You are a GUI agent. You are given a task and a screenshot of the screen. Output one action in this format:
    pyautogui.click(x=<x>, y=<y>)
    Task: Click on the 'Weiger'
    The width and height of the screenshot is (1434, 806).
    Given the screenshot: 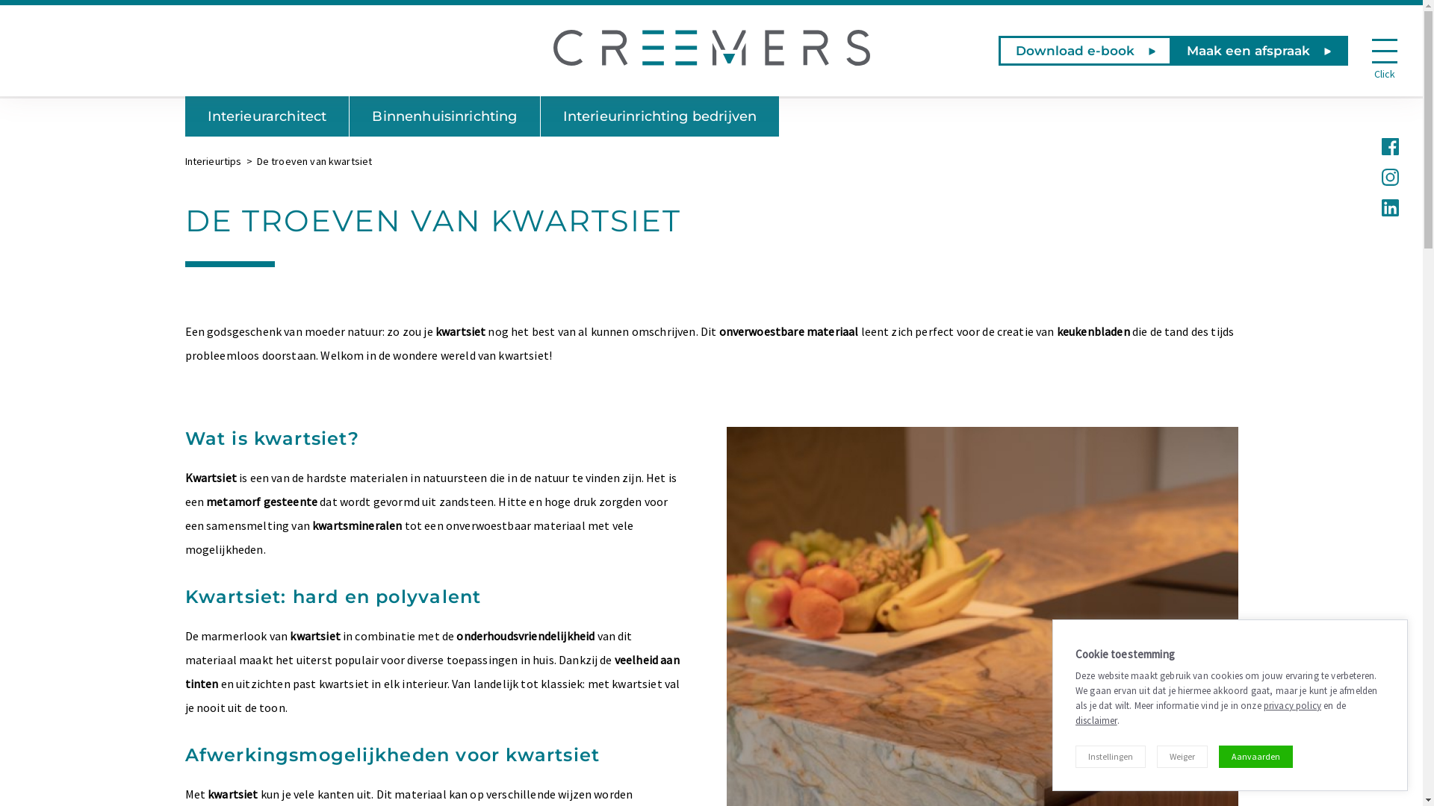 What is the action you would take?
    pyautogui.click(x=1156, y=757)
    